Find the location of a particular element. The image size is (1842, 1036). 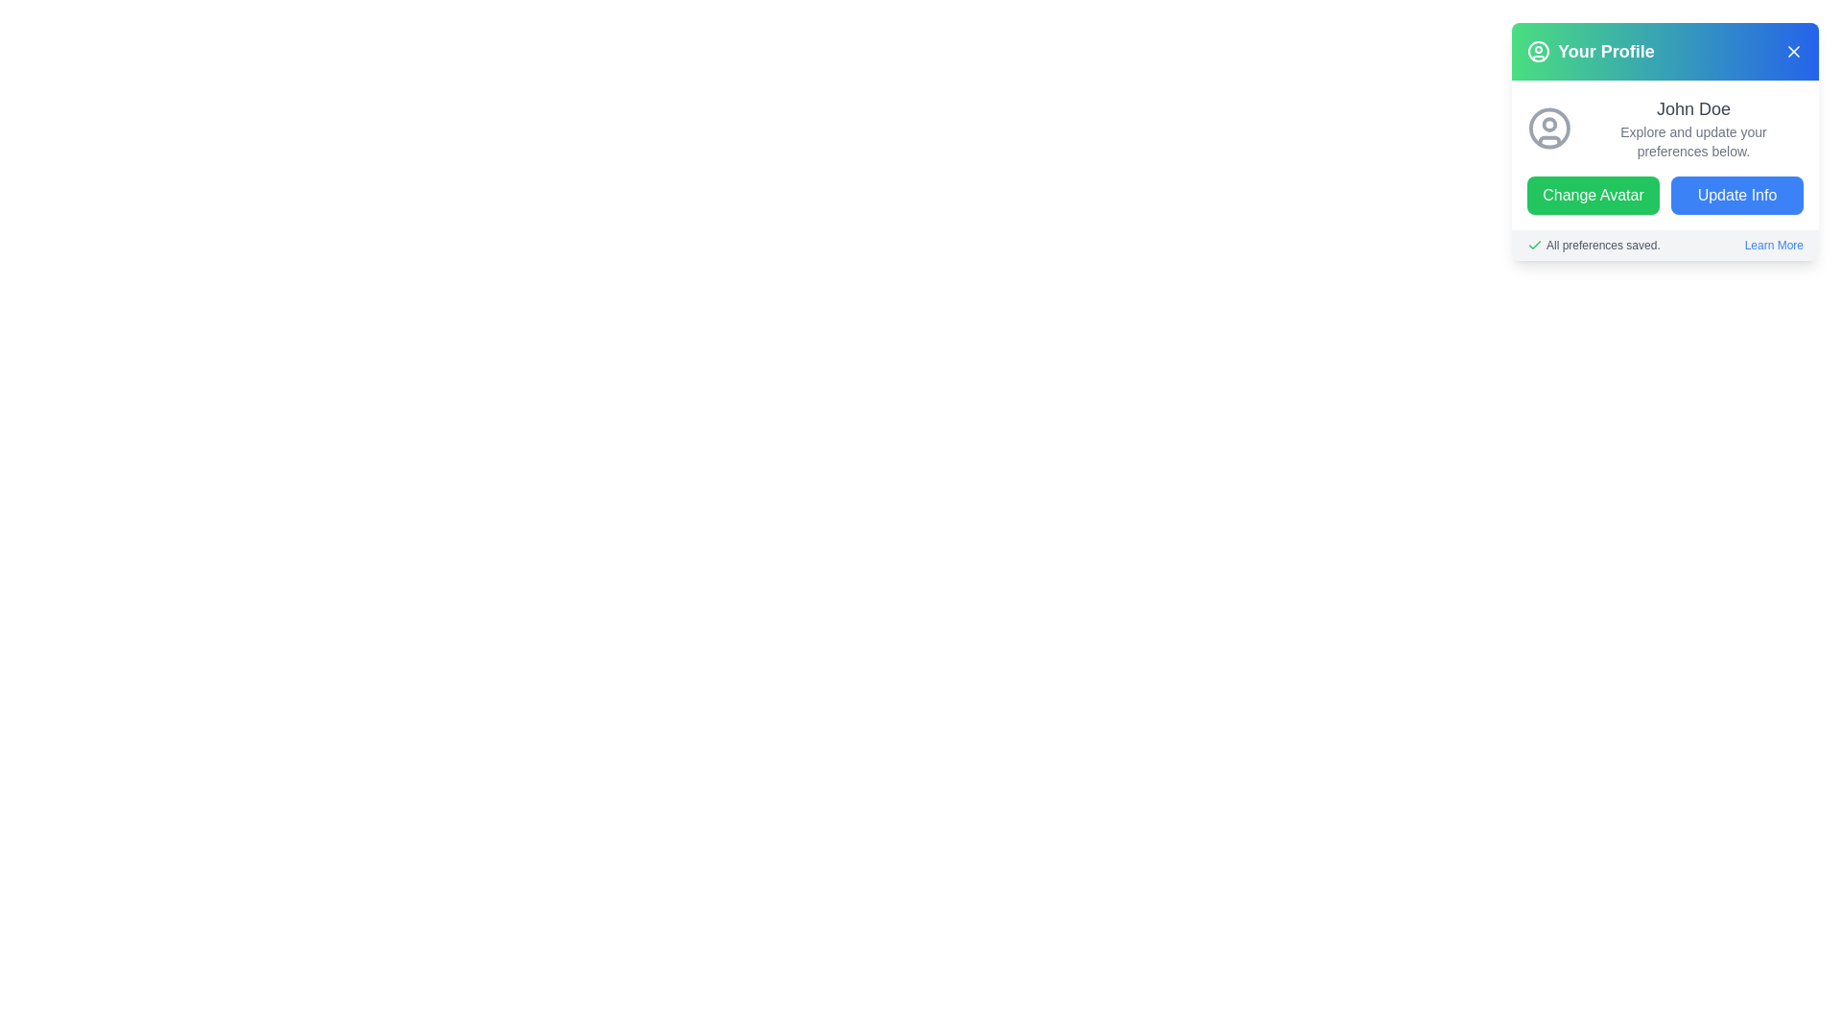

the static text element displaying the user's name 'John Doe', which is centrally located below the profile title in the profile card interface is located at coordinates (1693, 109).